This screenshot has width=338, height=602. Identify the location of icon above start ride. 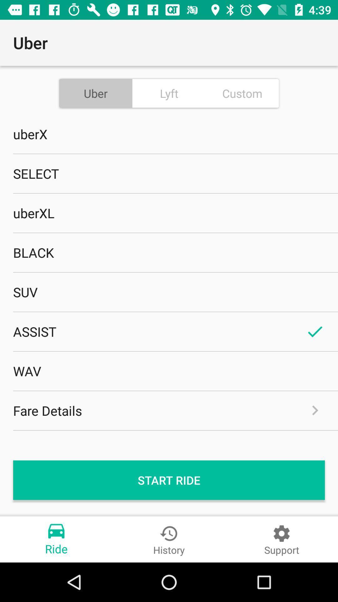
(169, 410).